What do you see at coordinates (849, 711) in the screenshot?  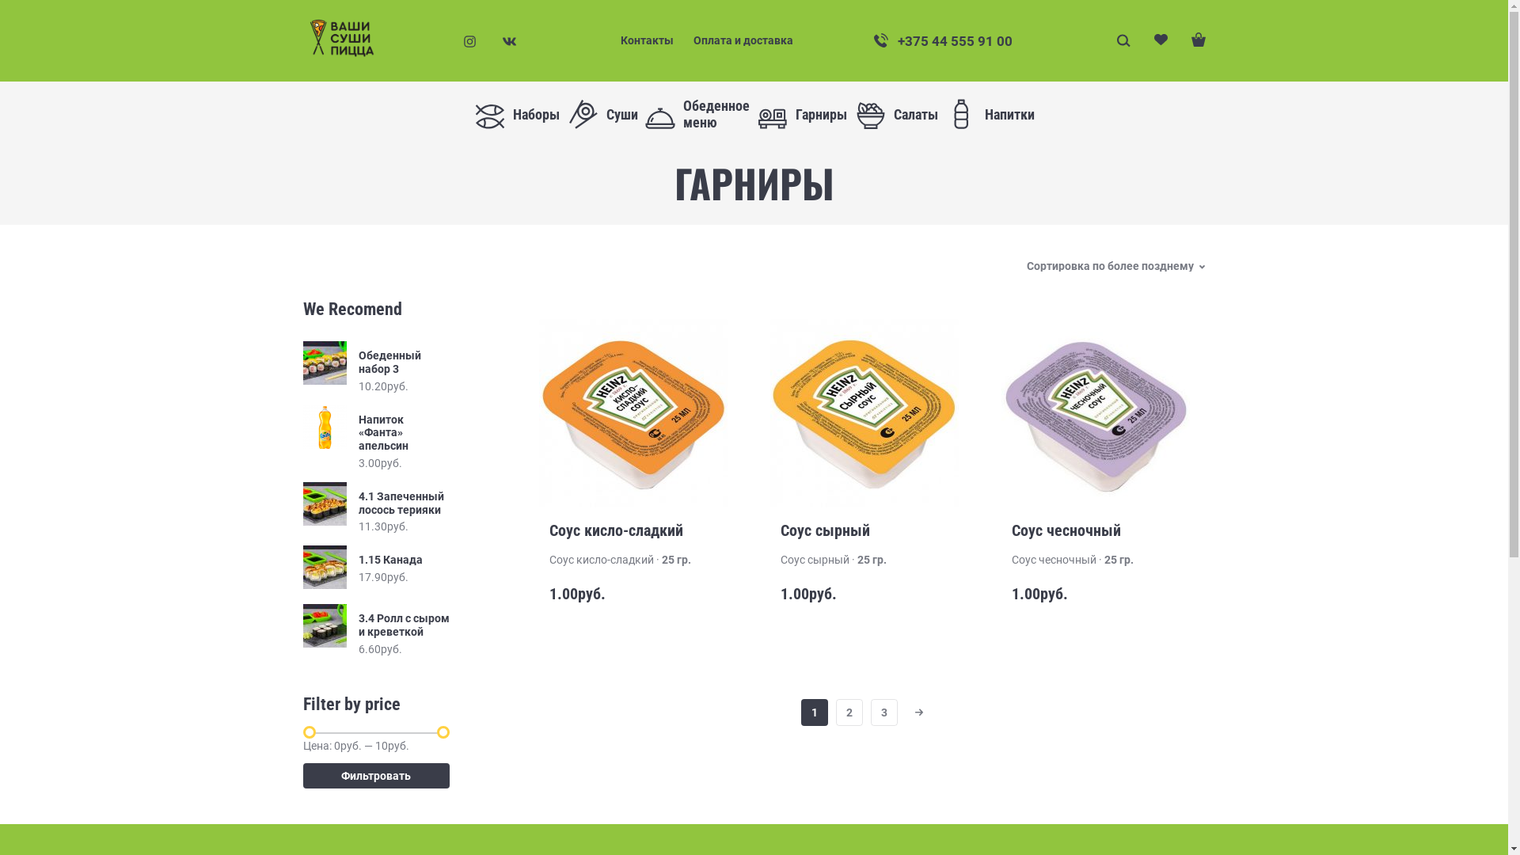 I see `'2'` at bounding box center [849, 711].